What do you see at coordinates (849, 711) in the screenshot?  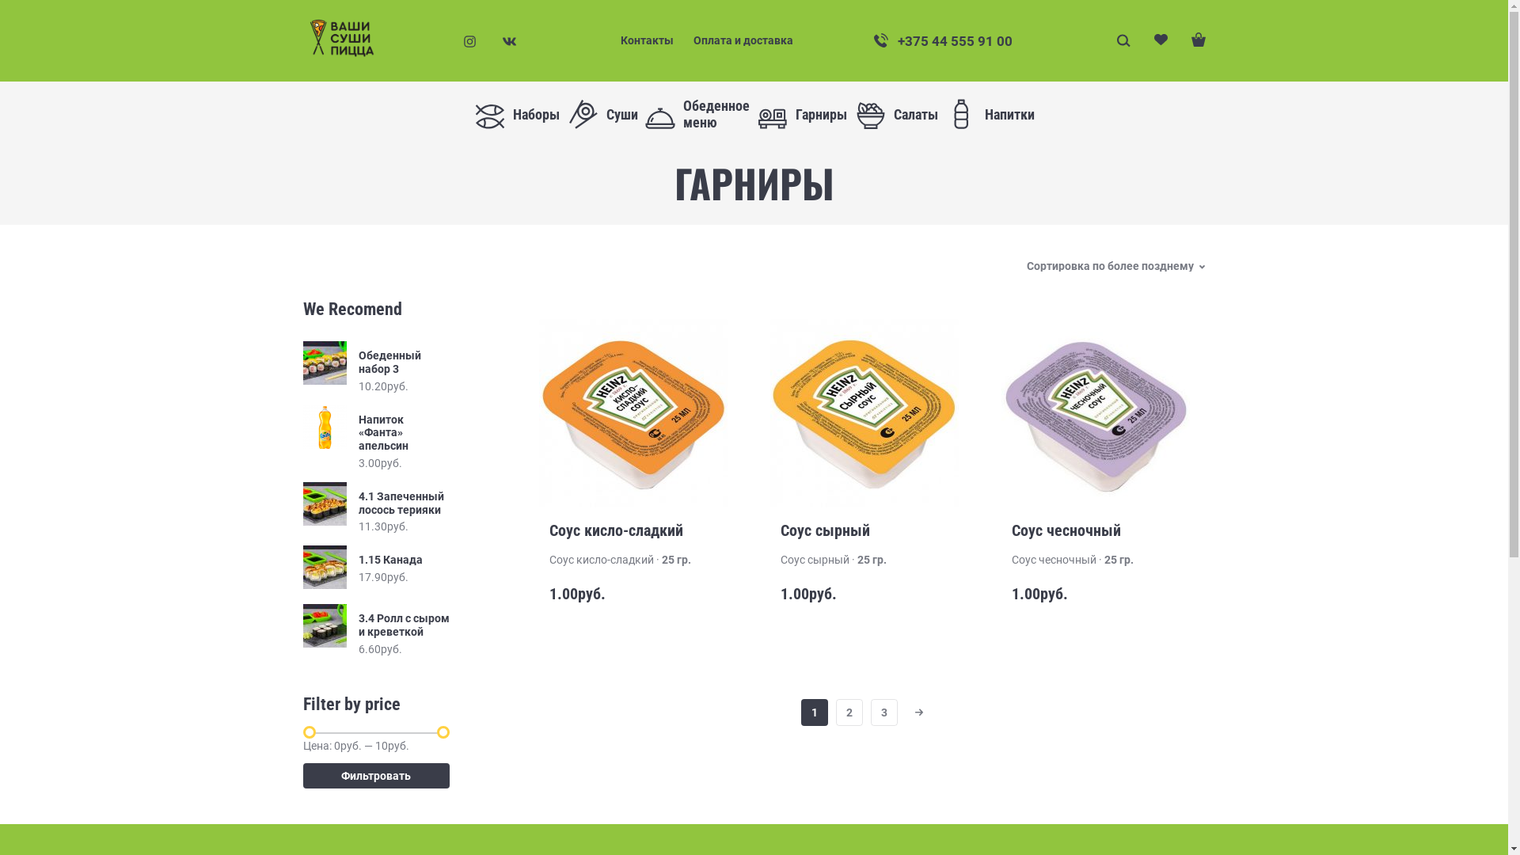 I see `'2'` at bounding box center [849, 711].